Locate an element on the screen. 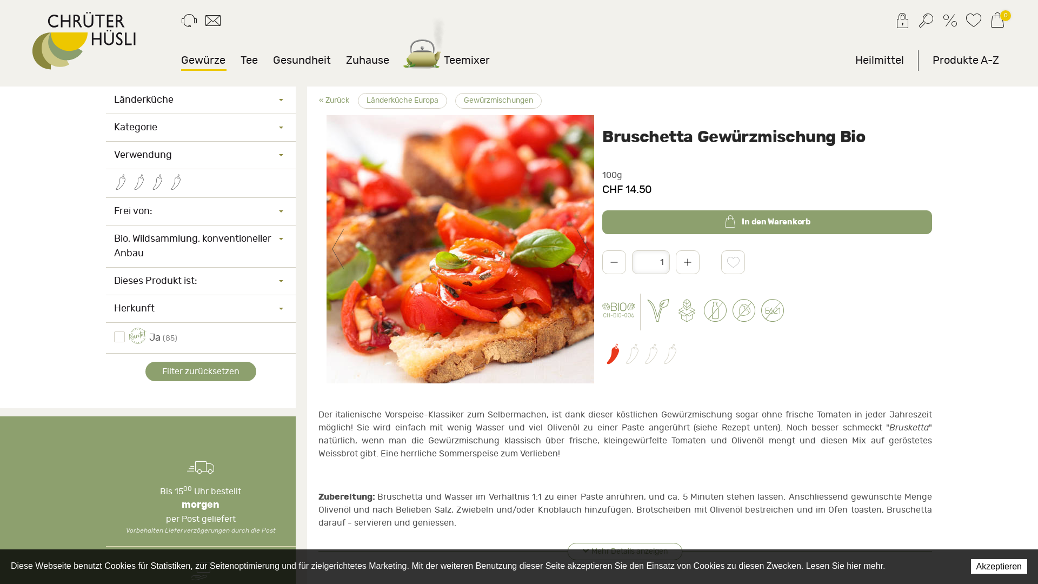 Image resolution: width=1038 pixels, height=584 pixels. 'Vegan' is located at coordinates (646, 312).